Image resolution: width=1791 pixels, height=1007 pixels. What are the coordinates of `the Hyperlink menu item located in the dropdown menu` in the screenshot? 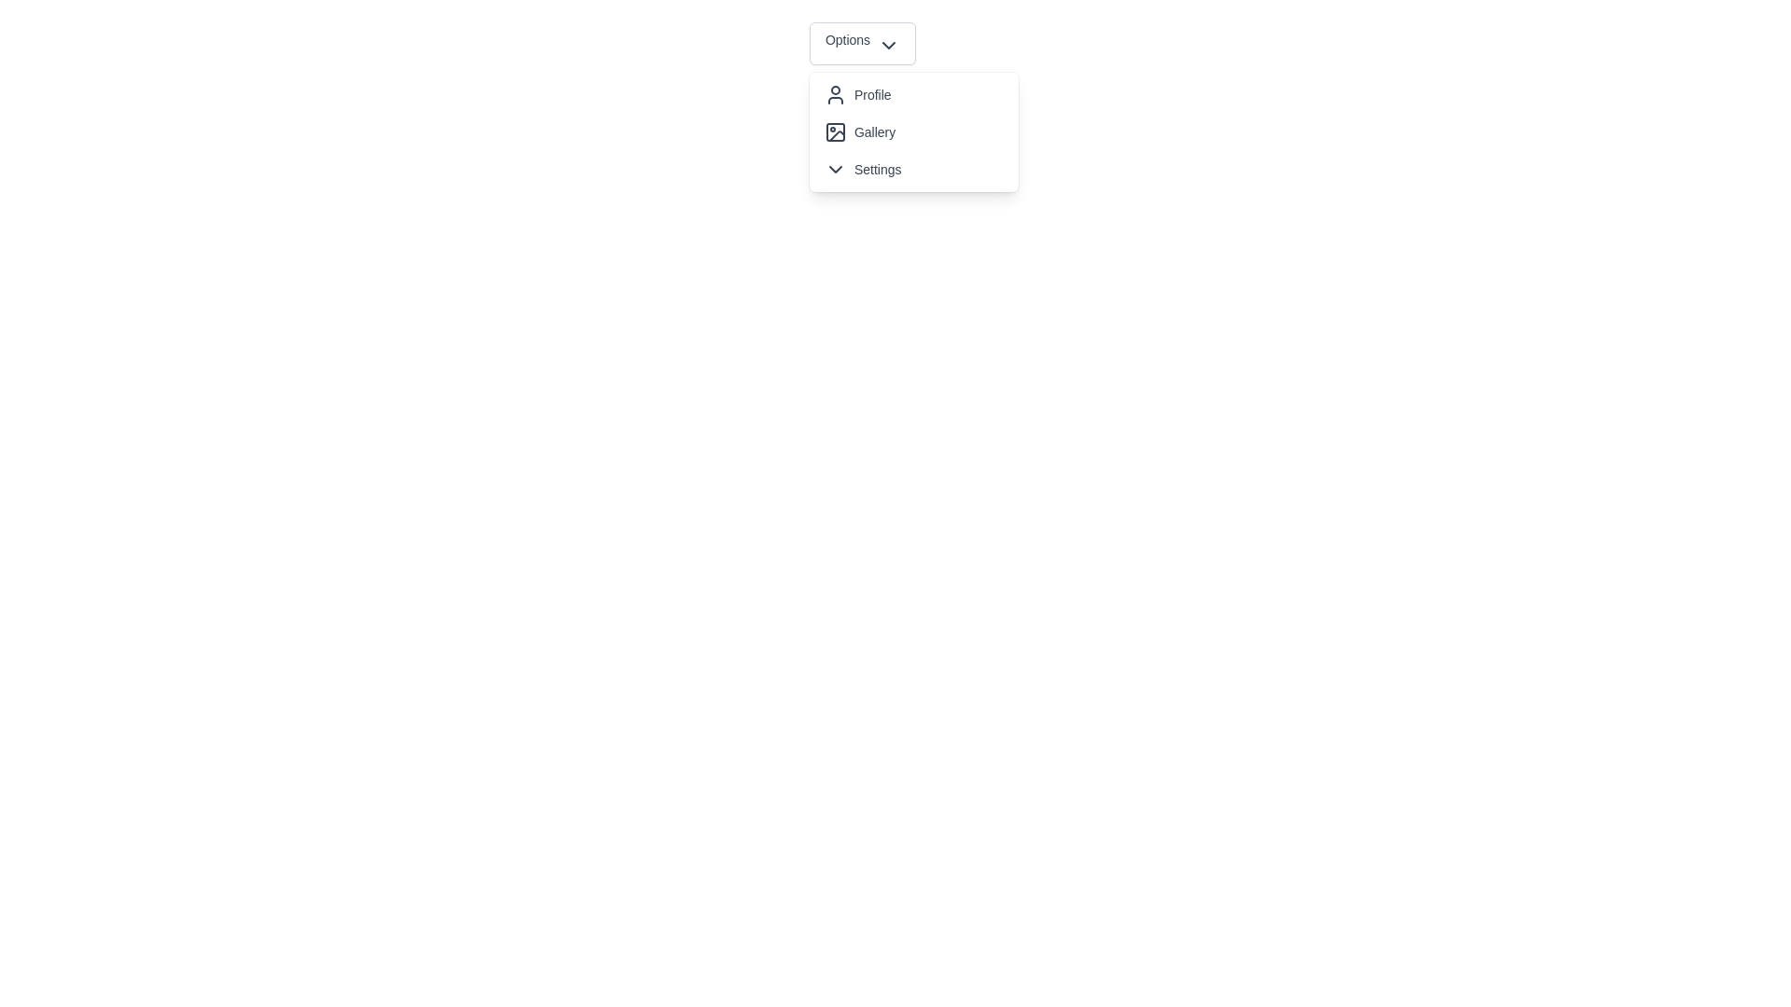 It's located at (913, 131).